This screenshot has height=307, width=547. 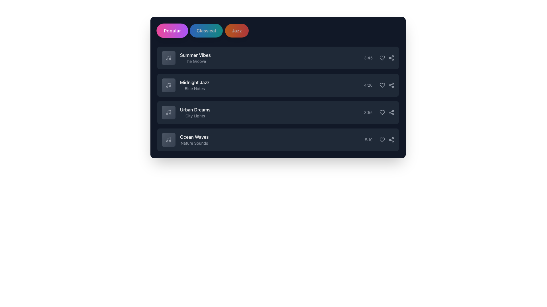 What do you see at coordinates (368, 85) in the screenshot?
I see `the text label that displays the duration or timestamp for the second music track labeled 'Midnight Jazz', located on the right side of the track's row` at bounding box center [368, 85].